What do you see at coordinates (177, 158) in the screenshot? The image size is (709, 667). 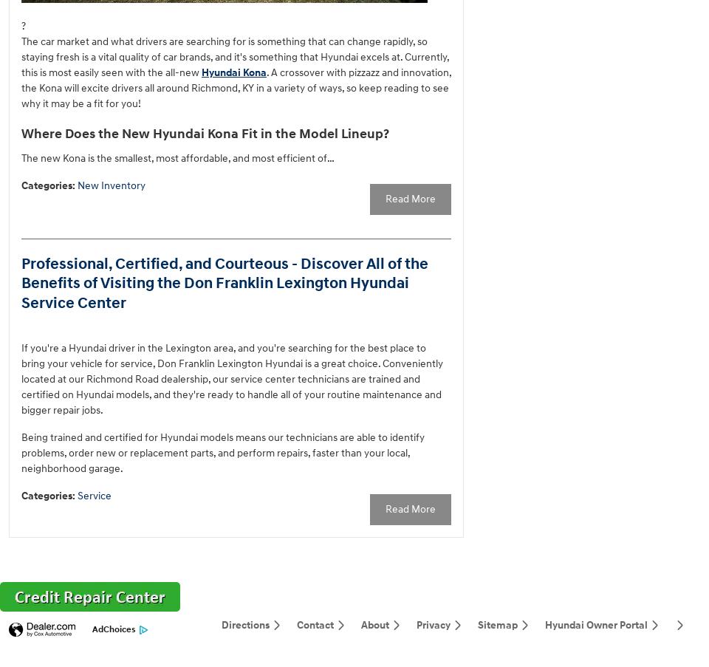 I see `'The new Kona is the smallest, most affordable, and most efficient of…'` at bounding box center [177, 158].